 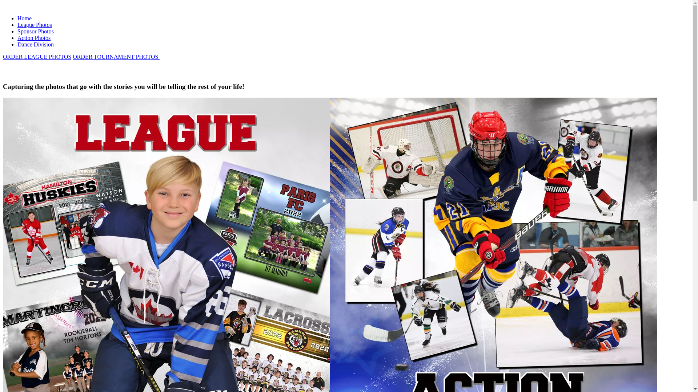 What do you see at coordinates (17, 18) in the screenshot?
I see `'Home'` at bounding box center [17, 18].